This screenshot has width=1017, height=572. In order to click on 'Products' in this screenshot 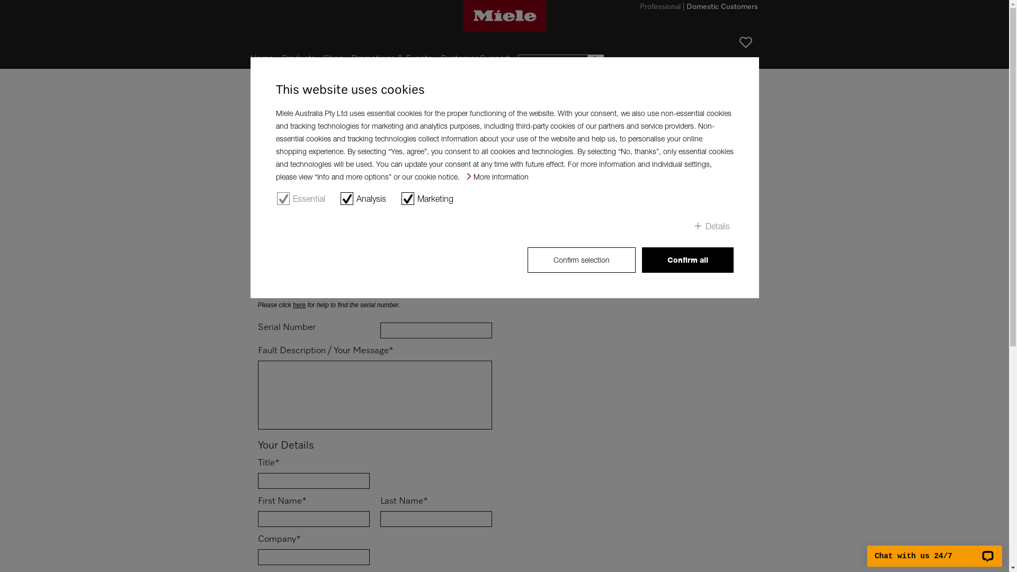, I will do `click(298, 59)`.